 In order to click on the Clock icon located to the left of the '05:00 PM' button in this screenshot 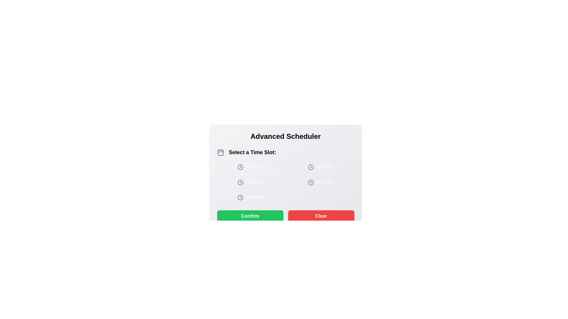, I will do `click(240, 197)`.